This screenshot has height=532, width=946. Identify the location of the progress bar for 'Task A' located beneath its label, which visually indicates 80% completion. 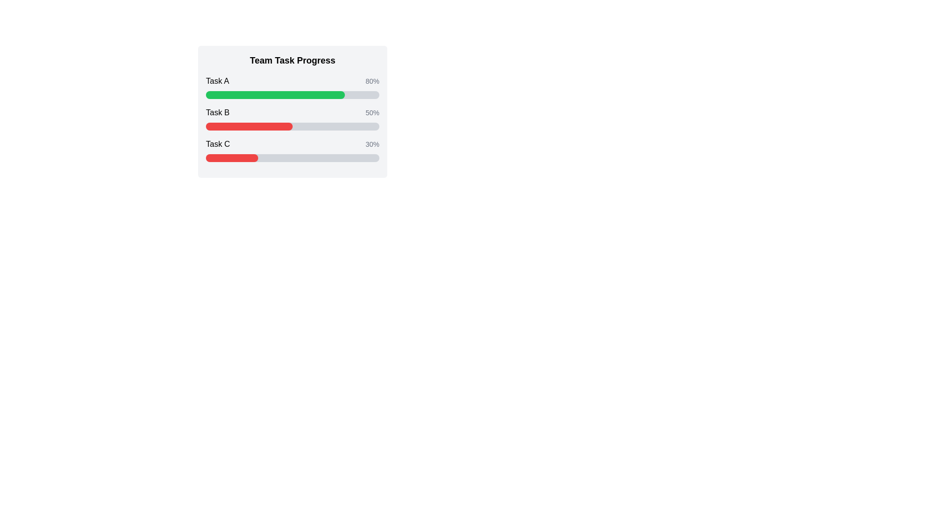
(292, 95).